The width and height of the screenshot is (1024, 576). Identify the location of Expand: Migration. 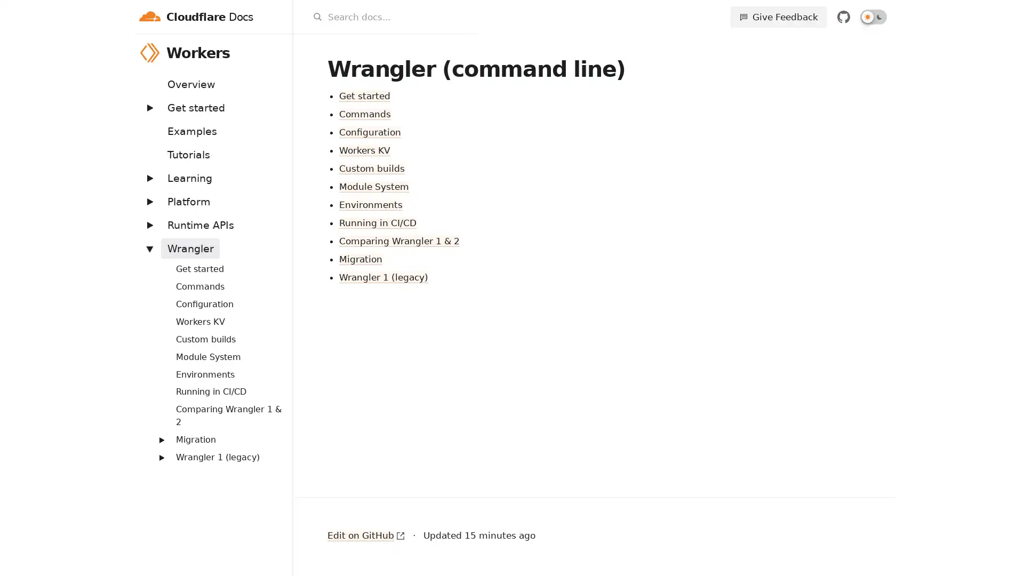
(161, 439).